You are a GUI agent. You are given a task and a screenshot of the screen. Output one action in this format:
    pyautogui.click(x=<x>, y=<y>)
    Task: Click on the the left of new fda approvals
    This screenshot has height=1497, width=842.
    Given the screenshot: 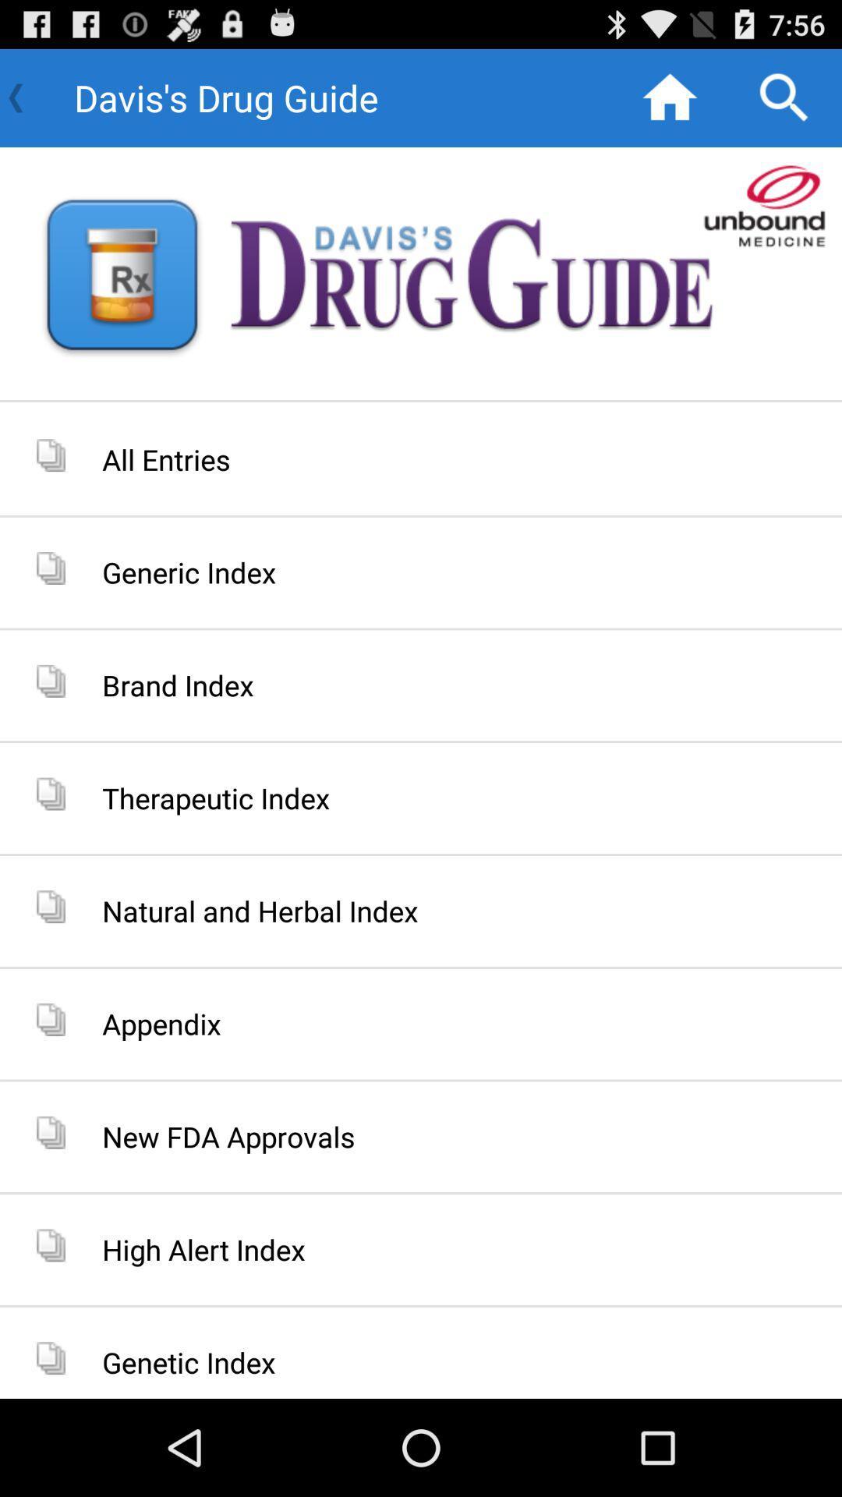 What is the action you would take?
    pyautogui.click(x=50, y=1133)
    